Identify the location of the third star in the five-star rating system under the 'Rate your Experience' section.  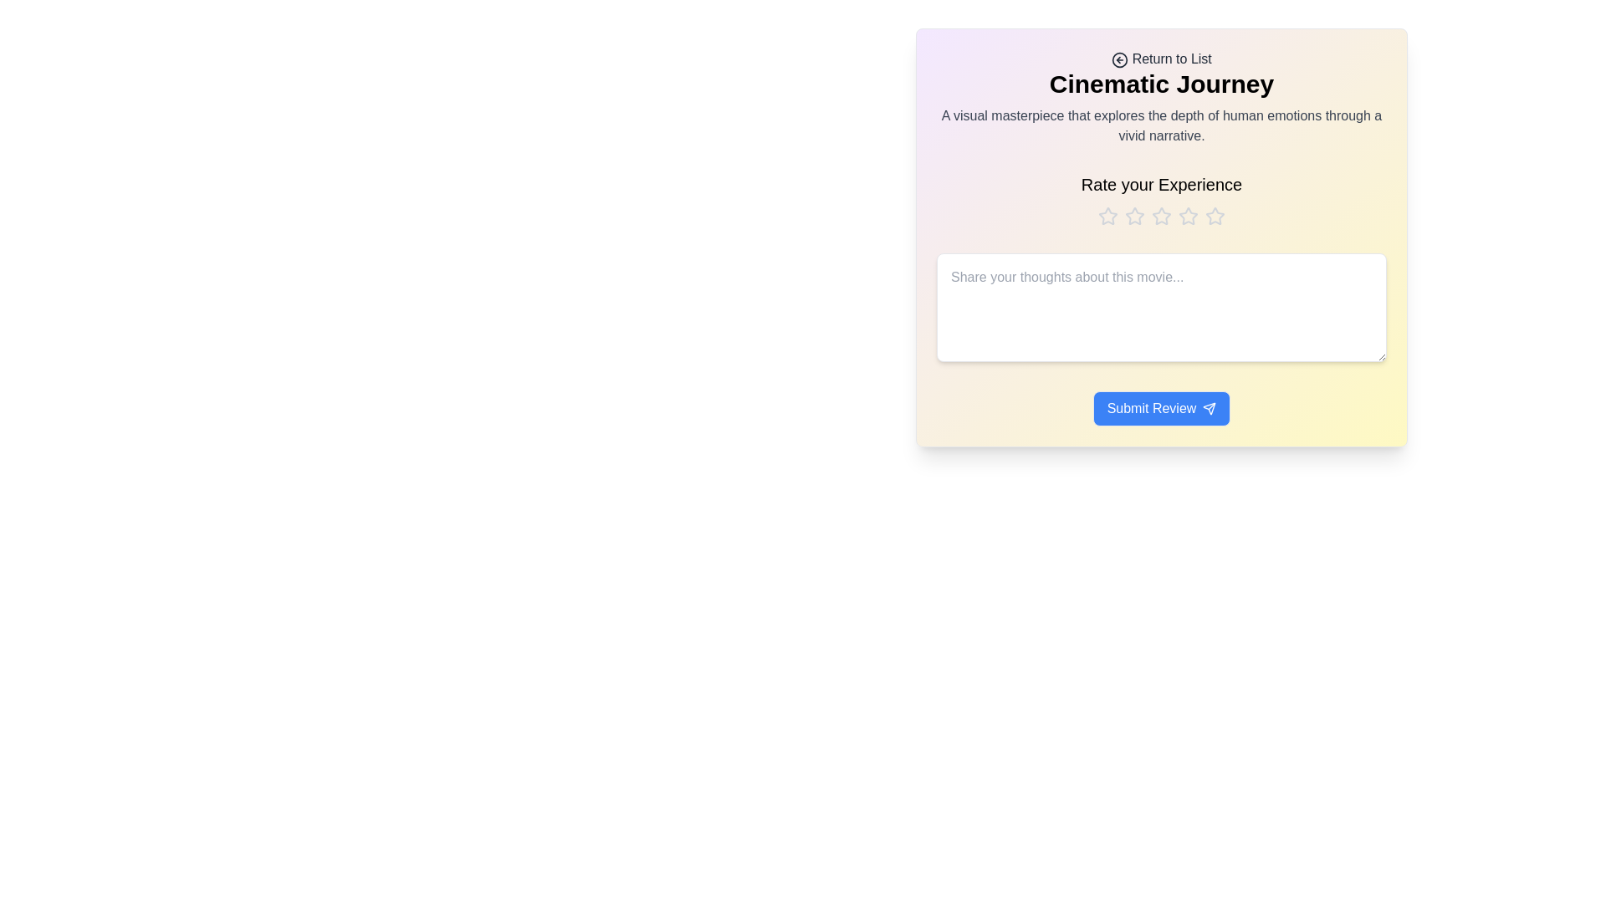
(1160, 215).